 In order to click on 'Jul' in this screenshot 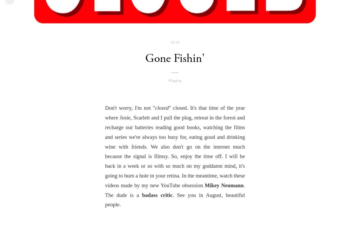, I will do `click(173, 42)`.